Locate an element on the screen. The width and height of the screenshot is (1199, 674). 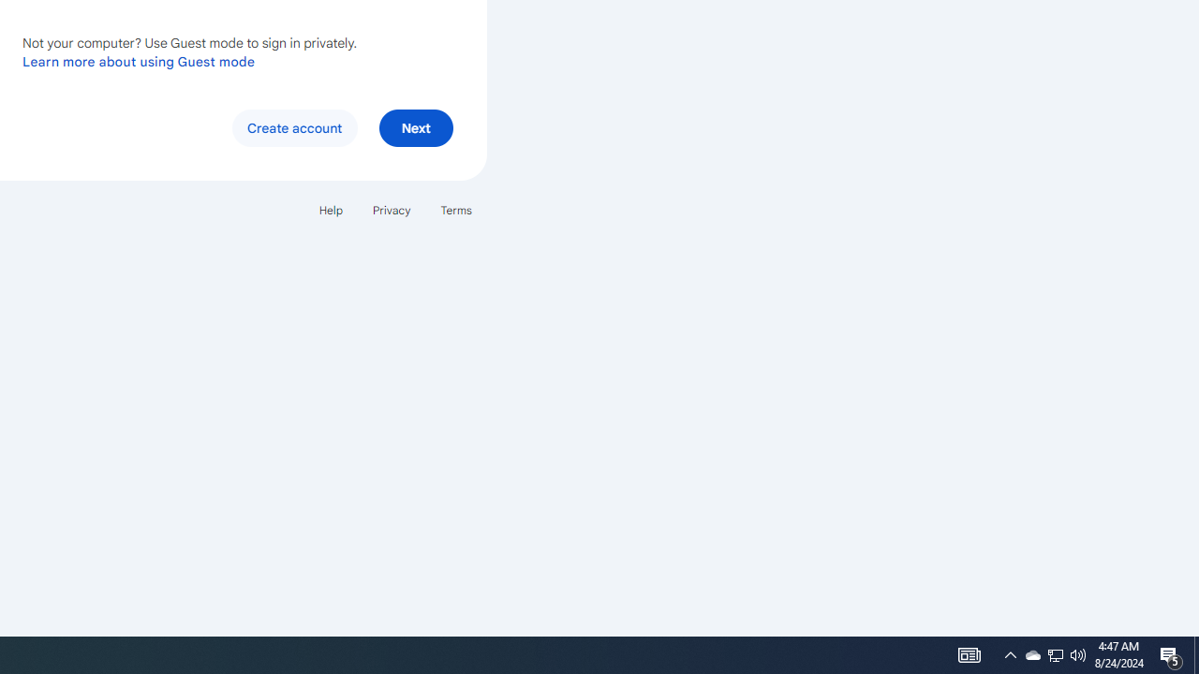
'Privacy' is located at coordinates (390, 210).